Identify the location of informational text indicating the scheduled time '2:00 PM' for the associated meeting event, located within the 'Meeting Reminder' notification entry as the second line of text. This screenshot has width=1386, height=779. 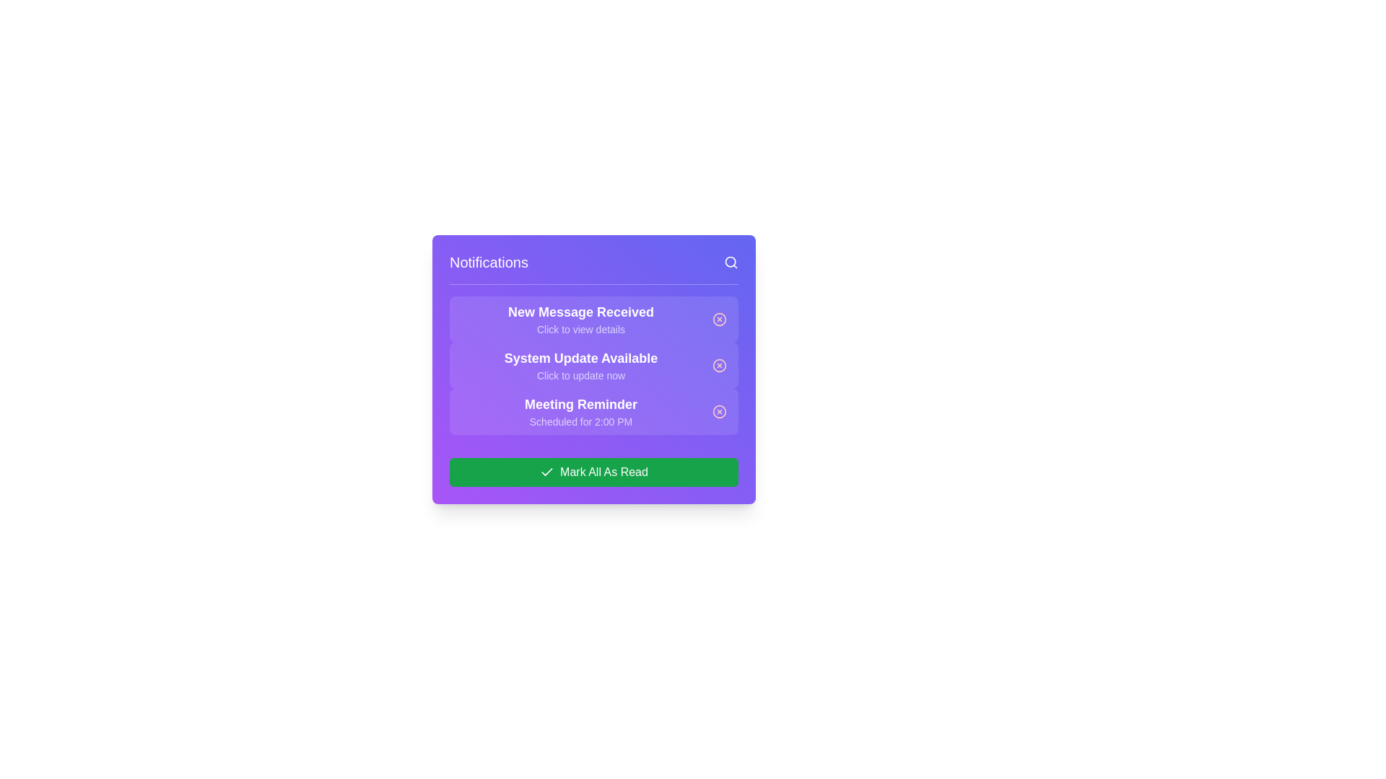
(581, 422).